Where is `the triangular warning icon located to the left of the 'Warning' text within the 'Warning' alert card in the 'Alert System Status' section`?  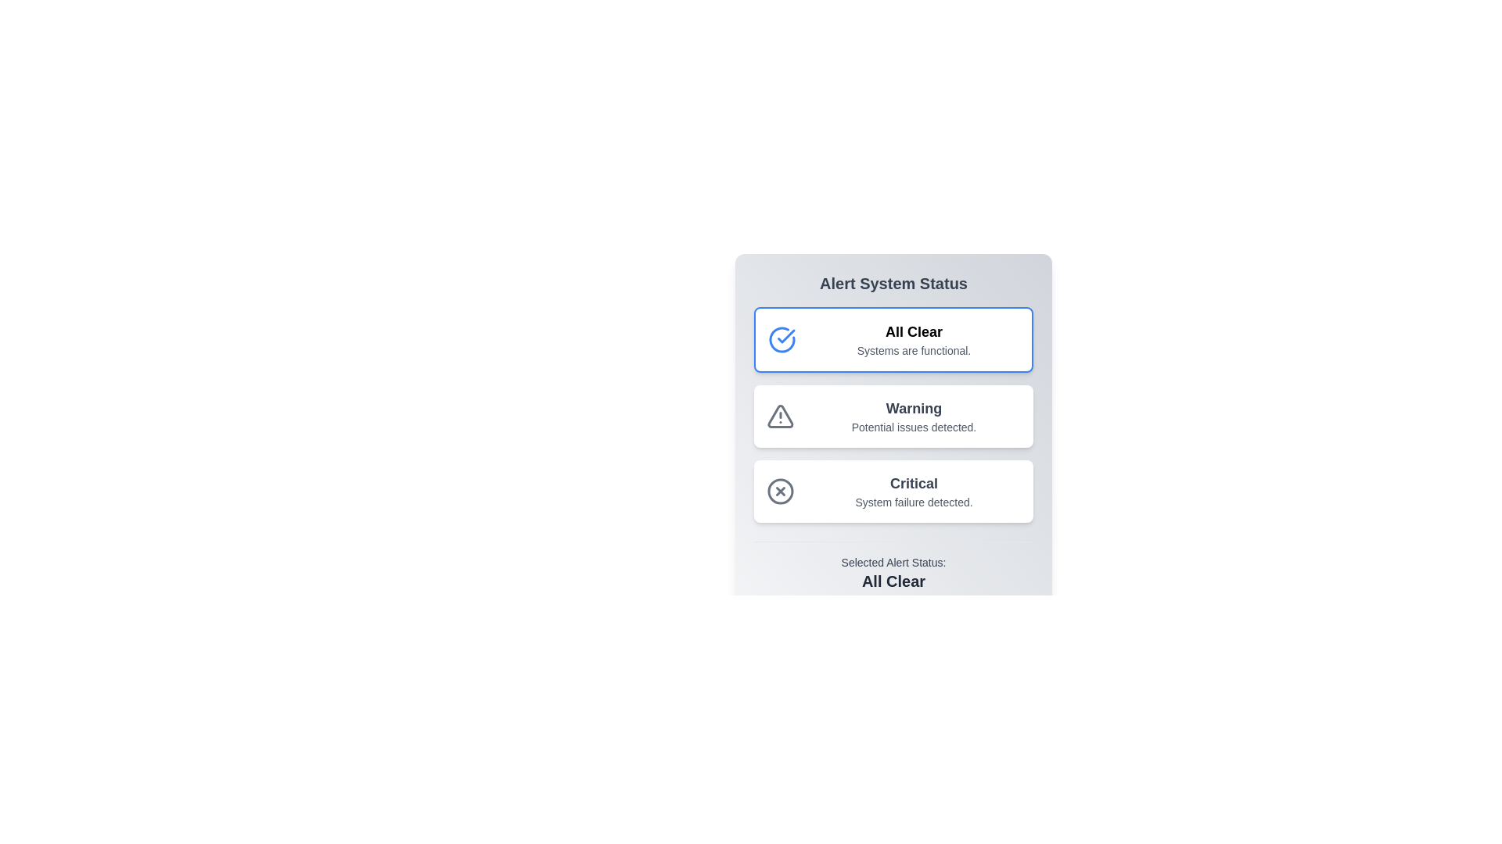 the triangular warning icon located to the left of the 'Warning' text within the 'Warning' alert card in the 'Alert System Status' section is located at coordinates (781, 415).